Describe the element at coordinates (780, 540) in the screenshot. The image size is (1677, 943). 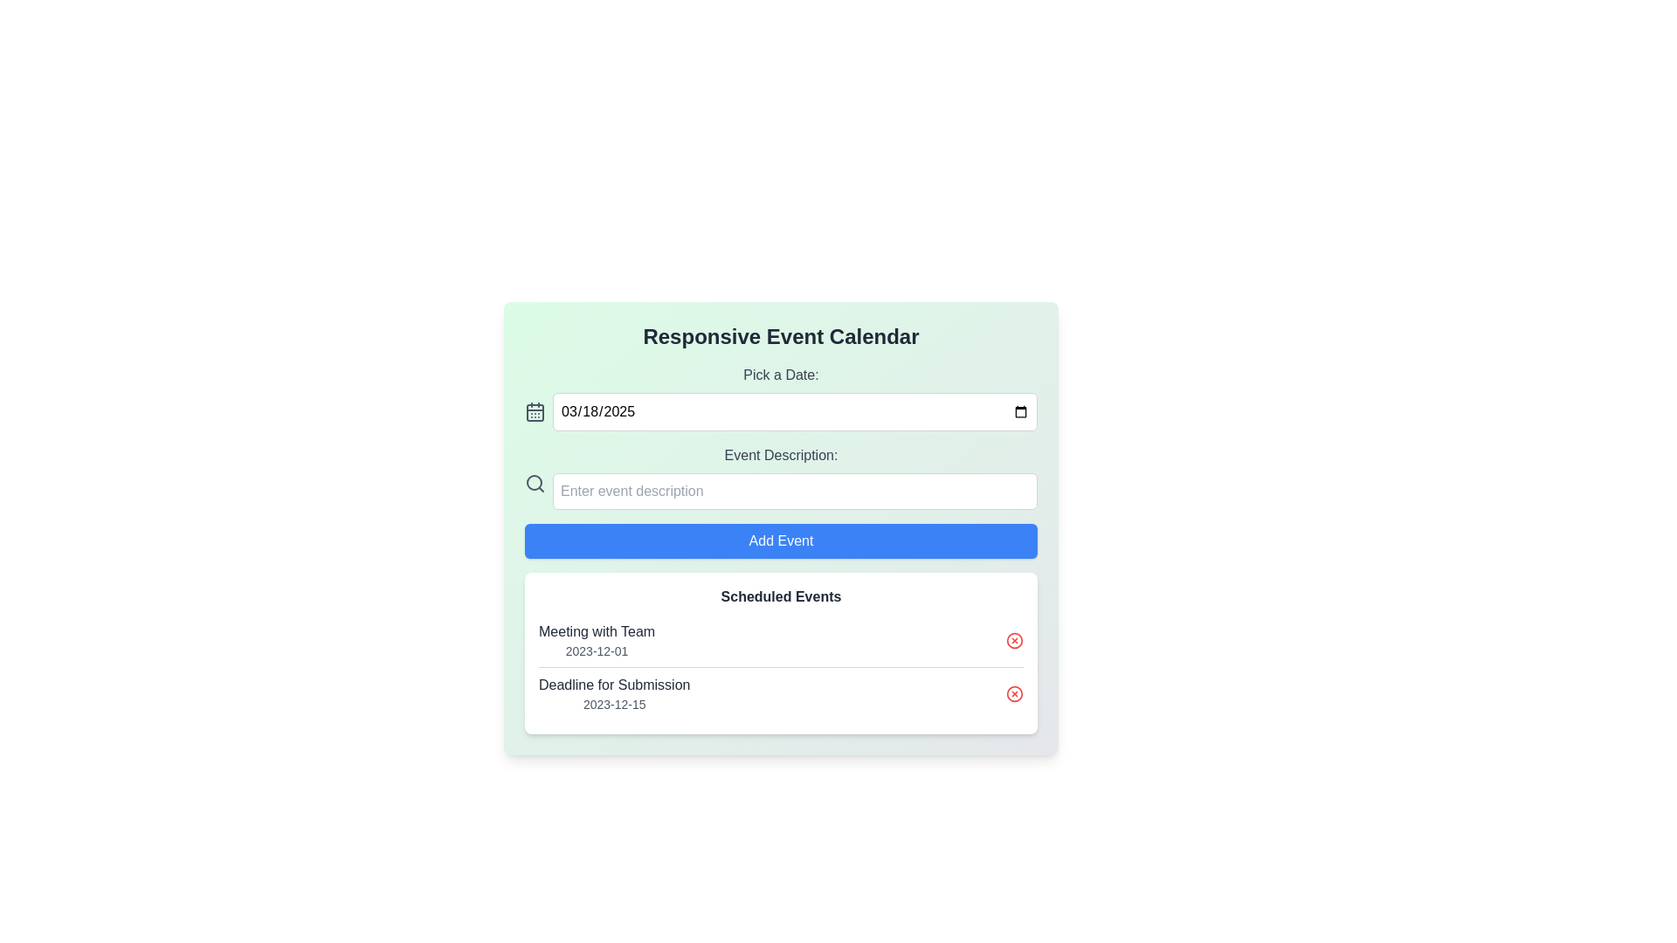
I see `the button located in the central section of the interface, below the 'Event Description' input field` at that location.